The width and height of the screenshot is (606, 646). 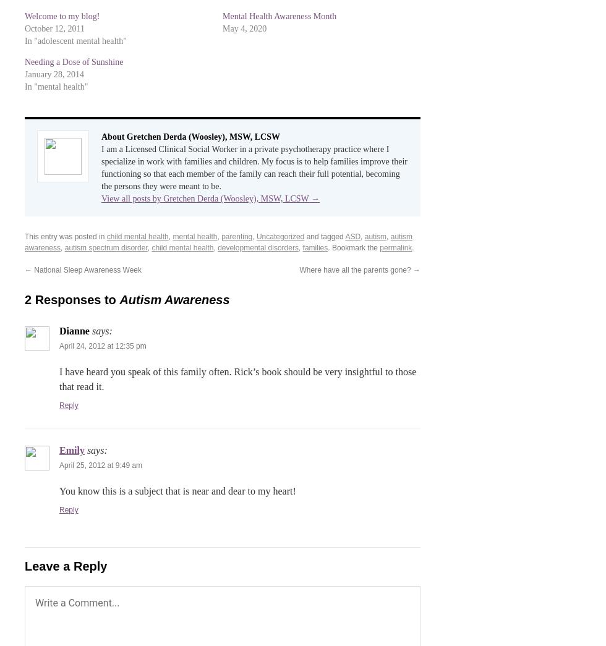 I want to click on 'I have heard you speak of this family often. Rick’s book should be very insightful to those that read it.', so click(x=237, y=378).